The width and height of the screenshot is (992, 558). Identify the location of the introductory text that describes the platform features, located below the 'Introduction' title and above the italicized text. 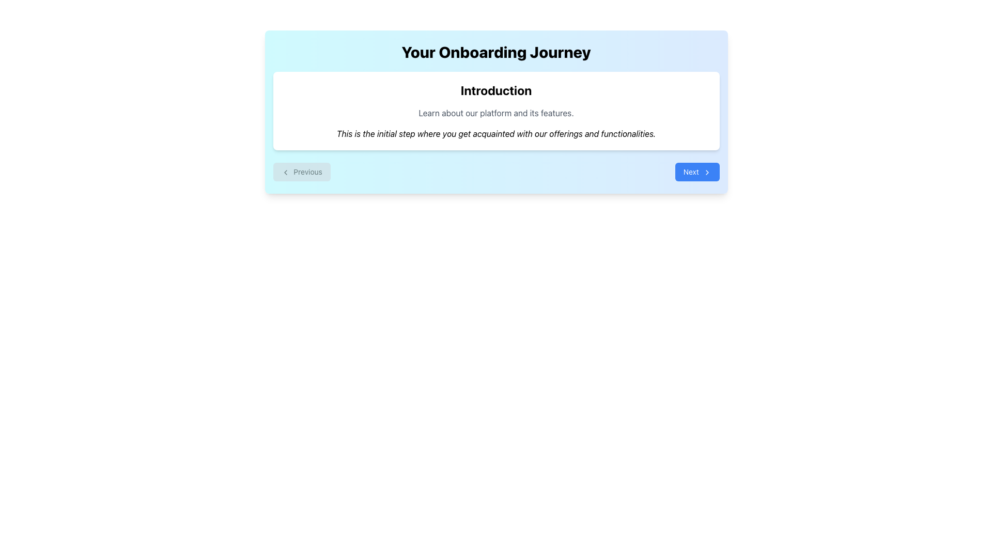
(496, 113).